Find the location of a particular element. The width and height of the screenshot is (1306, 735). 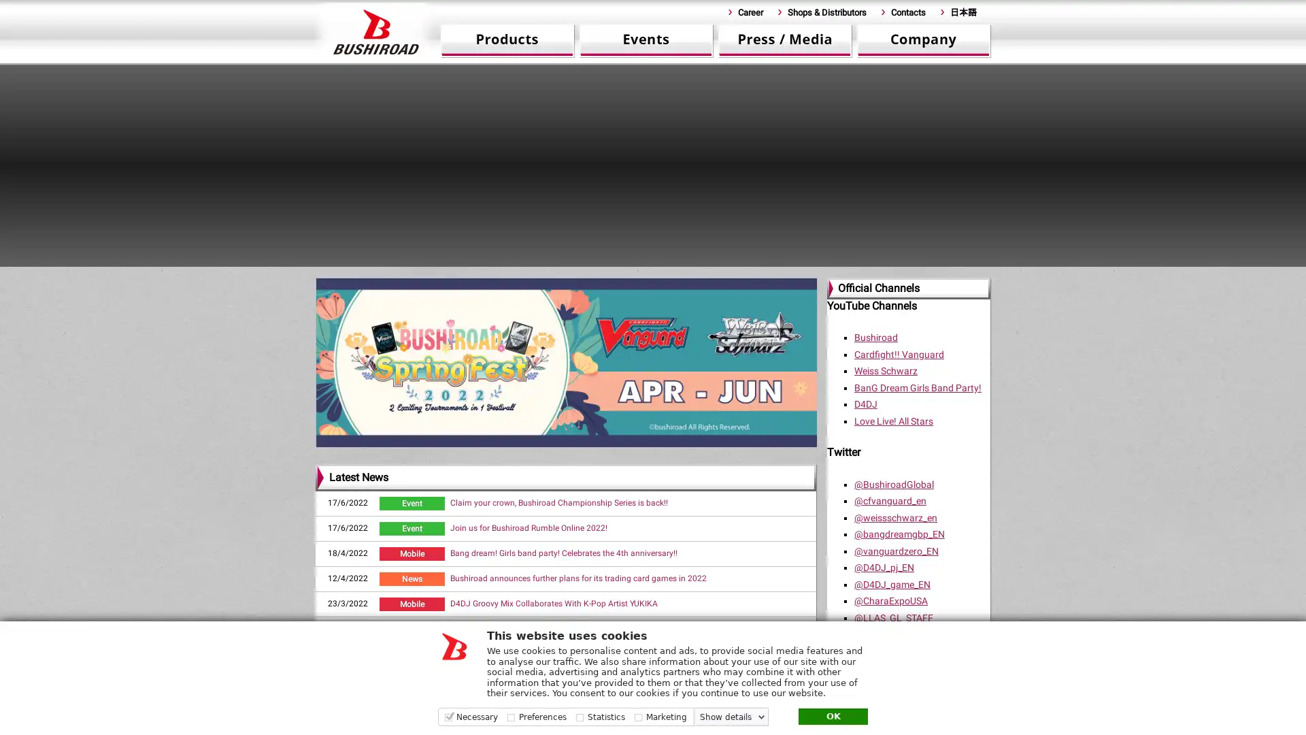

13 is located at coordinates (743, 261).